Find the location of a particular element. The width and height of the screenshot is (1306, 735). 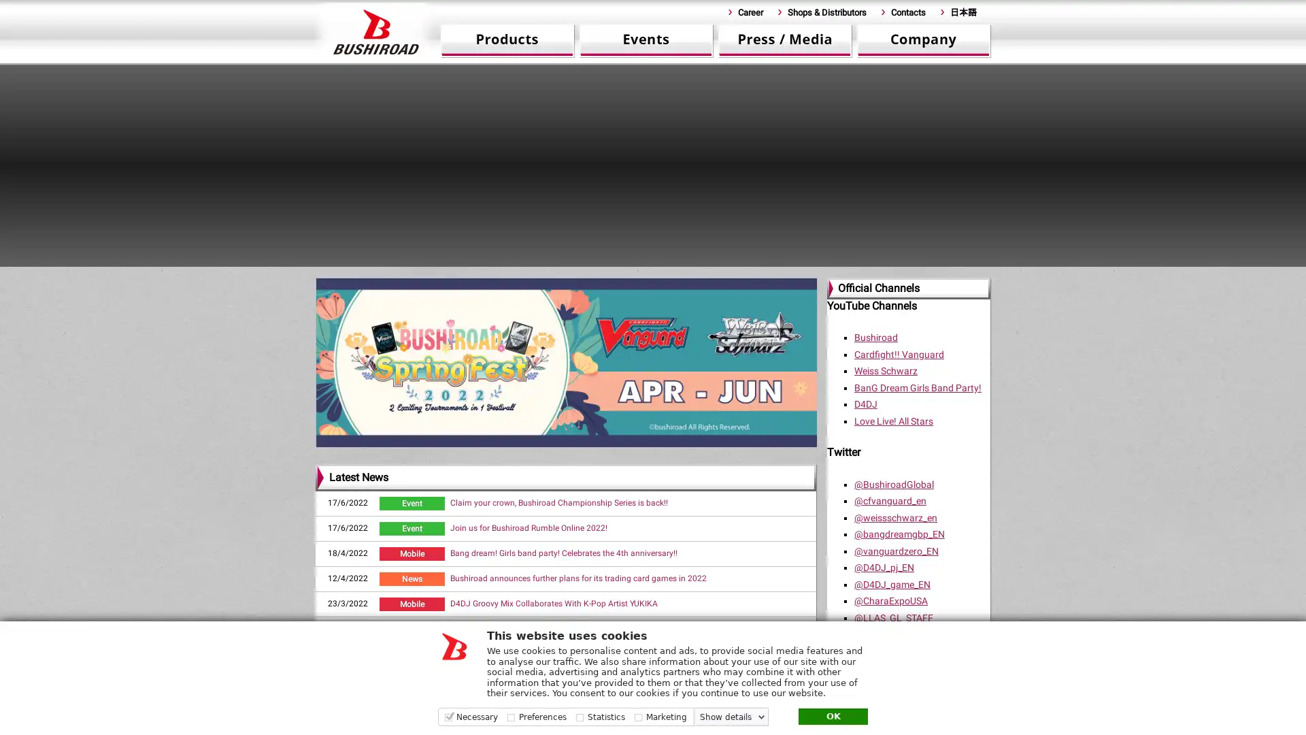

13 is located at coordinates (743, 261).